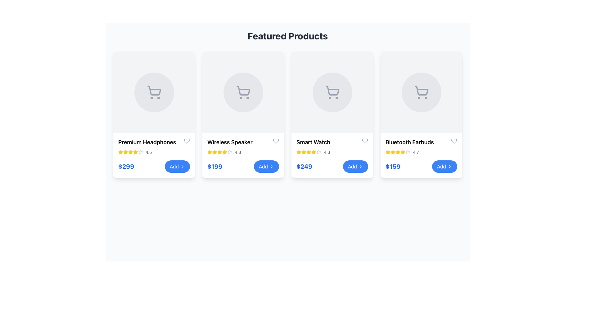 The image size is (596, 335). What do you see at coordinates (229, 152) in the screenshot?
I see `the second star icon in the rating section of the 'Wireless Speaker' product card located in the second column of the featured products grid` at bounding box center [229, 152].